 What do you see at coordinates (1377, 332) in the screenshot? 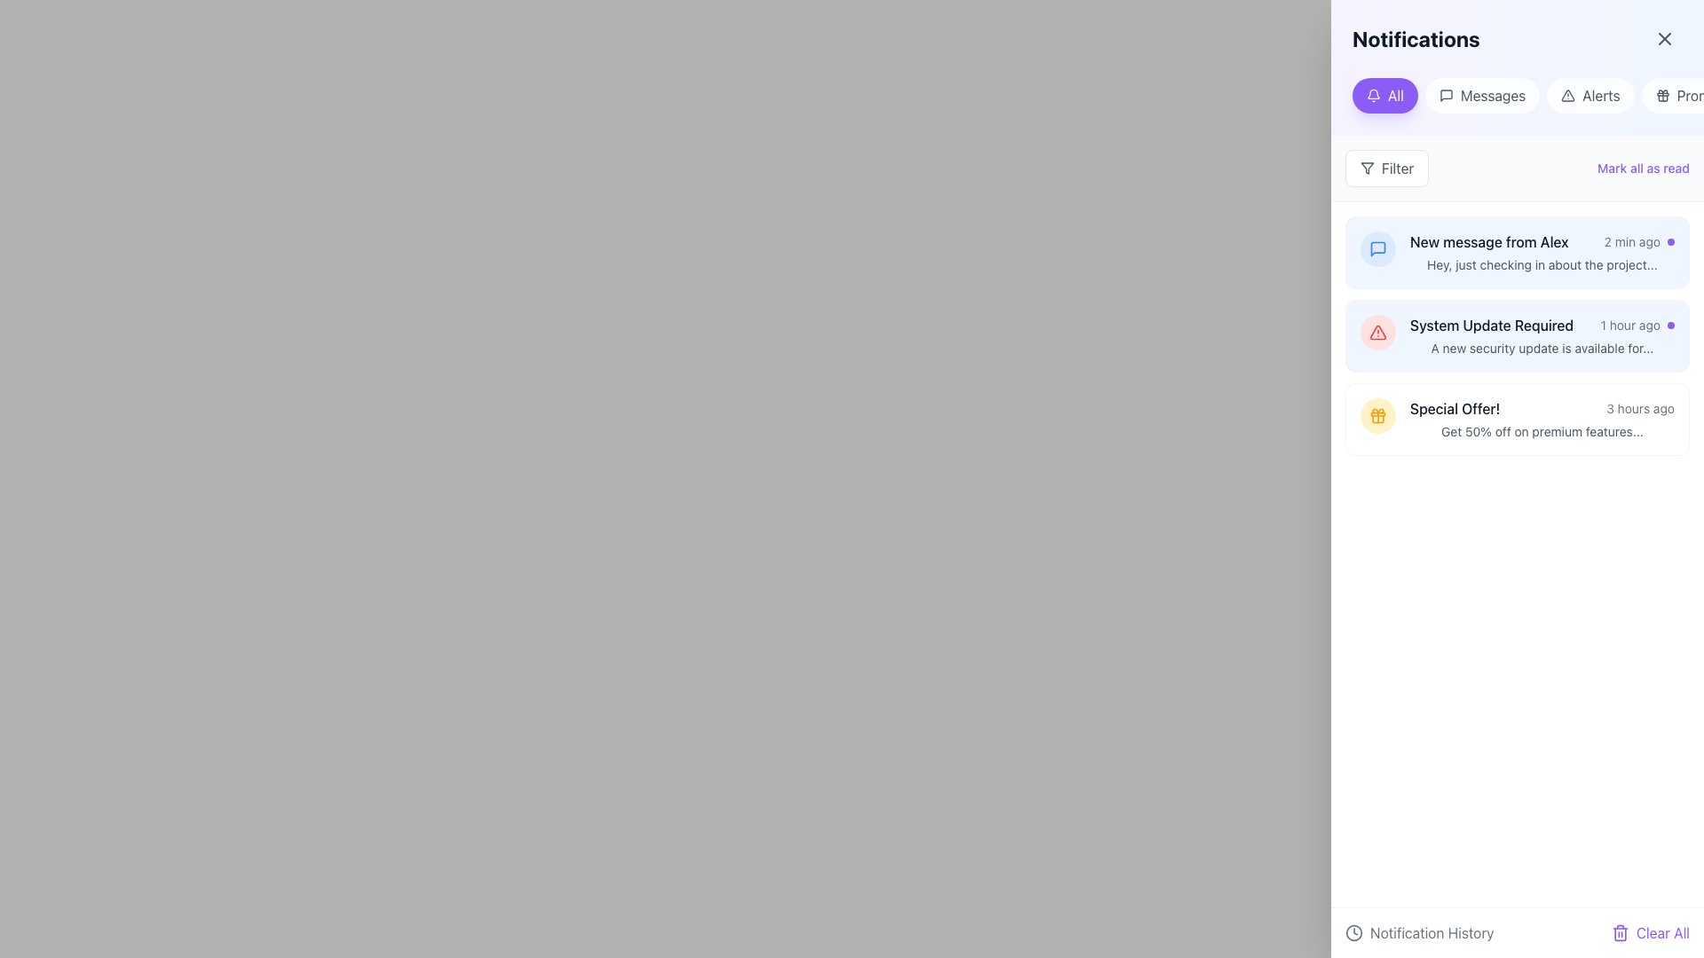
I see `the warning indicator icon located on the right sidebar, which is directly above the 'System Update Required' notification` at bounding box center [1377, 332].